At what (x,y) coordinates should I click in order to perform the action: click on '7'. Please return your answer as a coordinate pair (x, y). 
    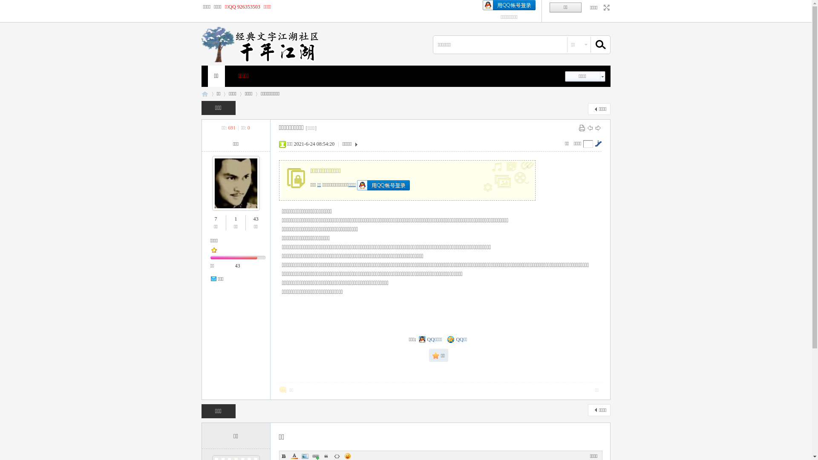
    Looking at the image, I should click on (216, 218).